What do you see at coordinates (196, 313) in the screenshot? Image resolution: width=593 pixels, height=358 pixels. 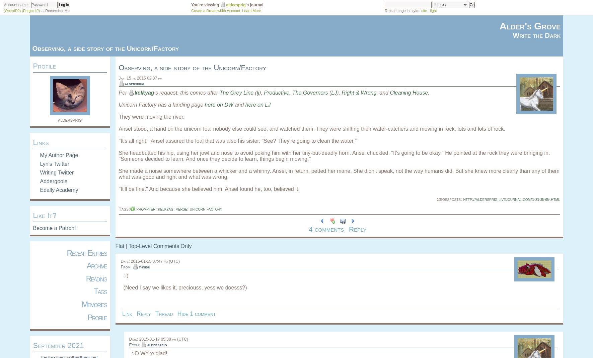 I see `'Hide 1 comment'` at bounding box center [196, 313].